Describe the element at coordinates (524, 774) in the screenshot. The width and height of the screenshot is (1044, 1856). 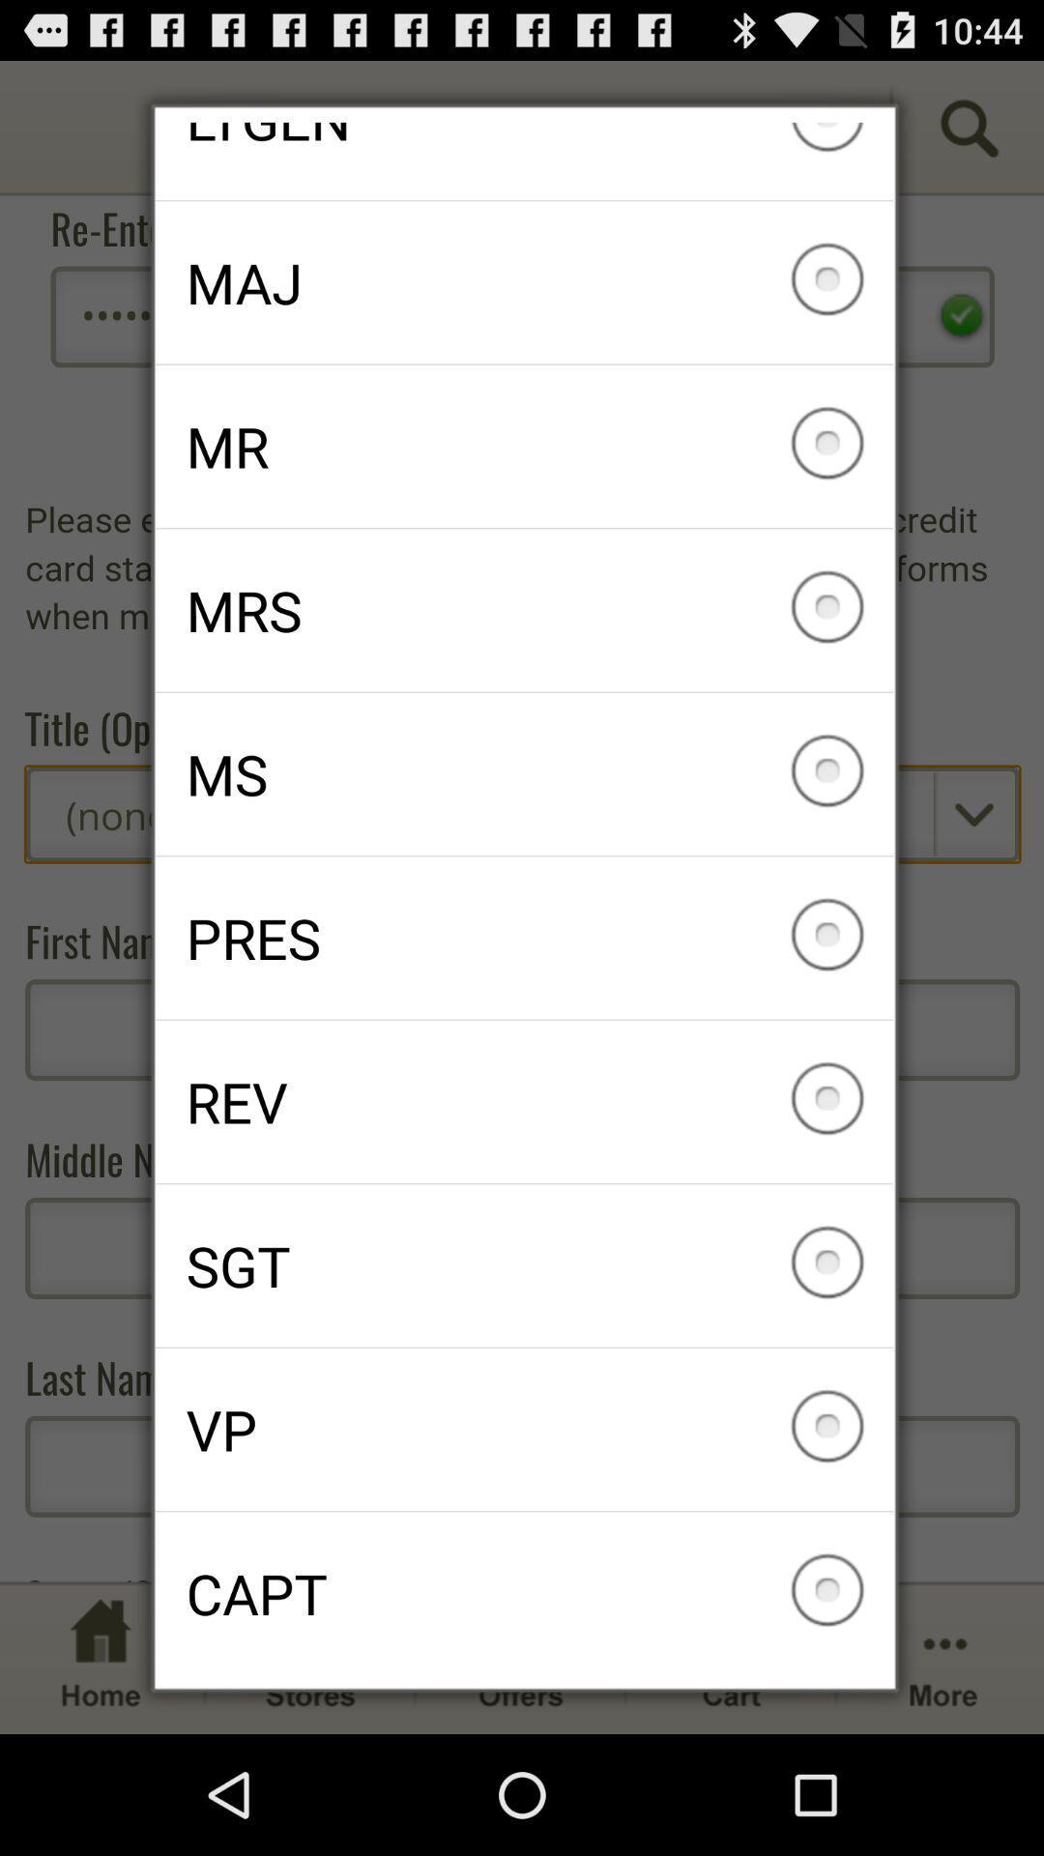
I see `item below mrs item` at that location.